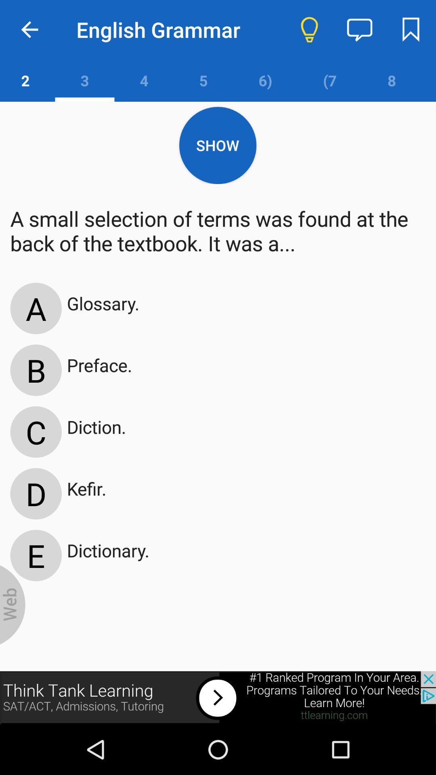 This screenshot has width=436, height=775. I want to click on wed box, so click(13, 605).